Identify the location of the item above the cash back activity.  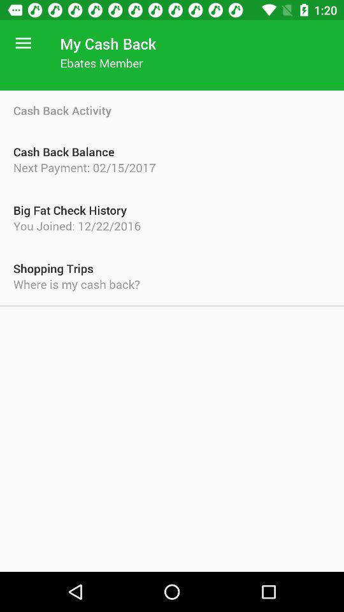
(23, 43).